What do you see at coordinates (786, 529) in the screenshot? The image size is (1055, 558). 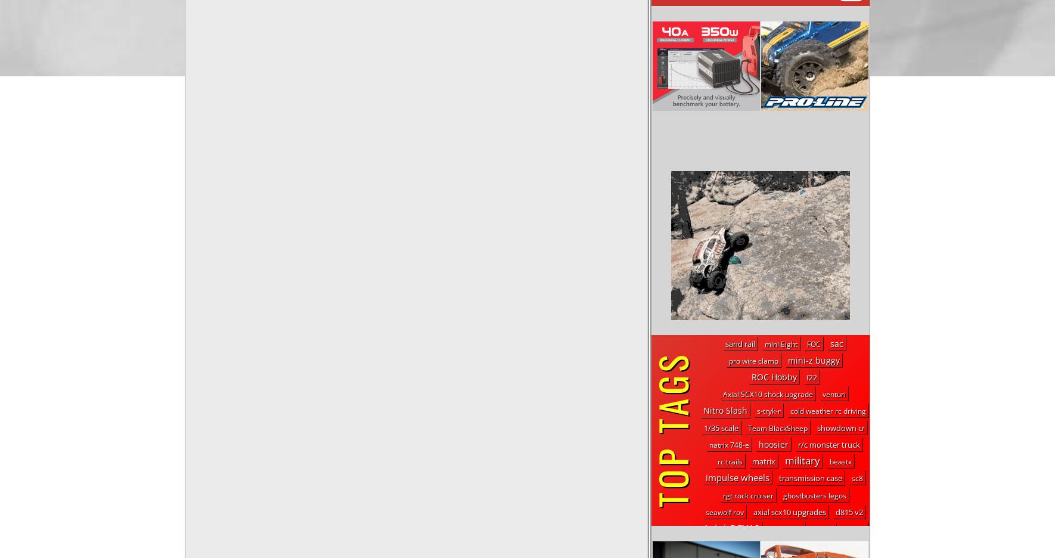 I see `'Drop Step'` at bounding box center [786, 529].